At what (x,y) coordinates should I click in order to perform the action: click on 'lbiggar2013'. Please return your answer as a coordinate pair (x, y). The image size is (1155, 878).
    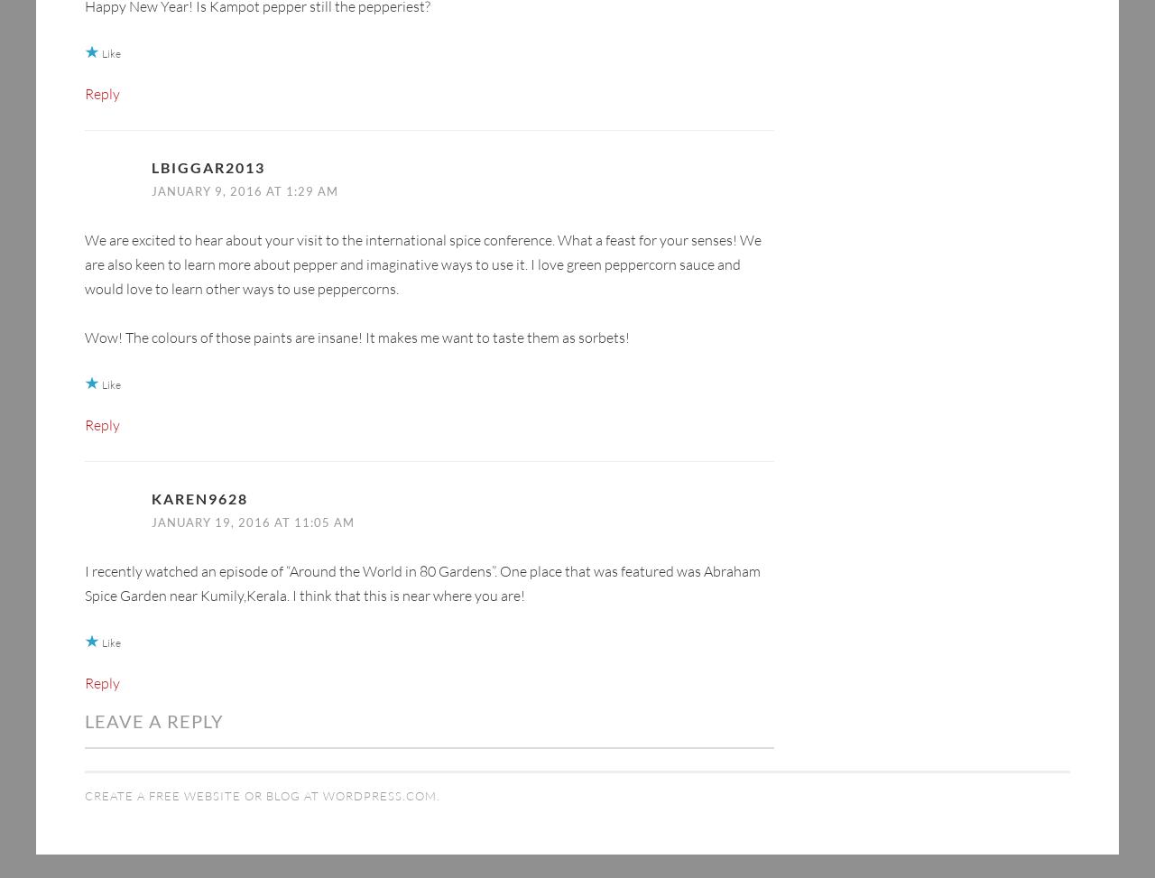
    Looking at the image, I should click on (208, 137).